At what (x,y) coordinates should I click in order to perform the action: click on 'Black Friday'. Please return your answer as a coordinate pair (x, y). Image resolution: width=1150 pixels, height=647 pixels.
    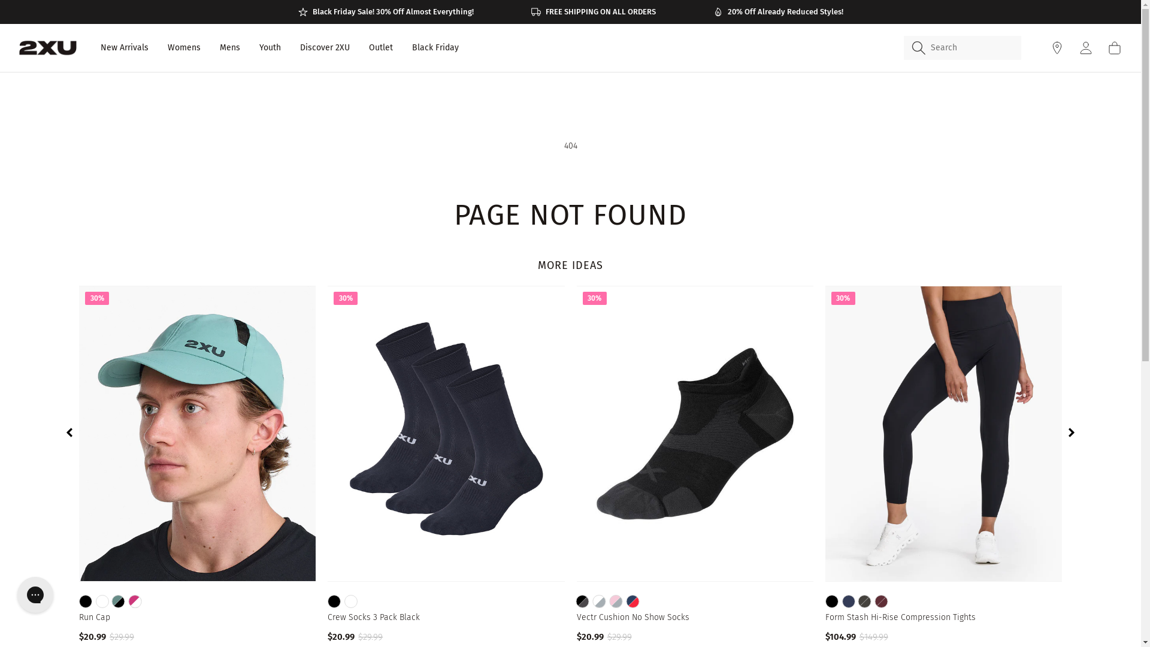
    Looking at the image, I should click on (434, 47).